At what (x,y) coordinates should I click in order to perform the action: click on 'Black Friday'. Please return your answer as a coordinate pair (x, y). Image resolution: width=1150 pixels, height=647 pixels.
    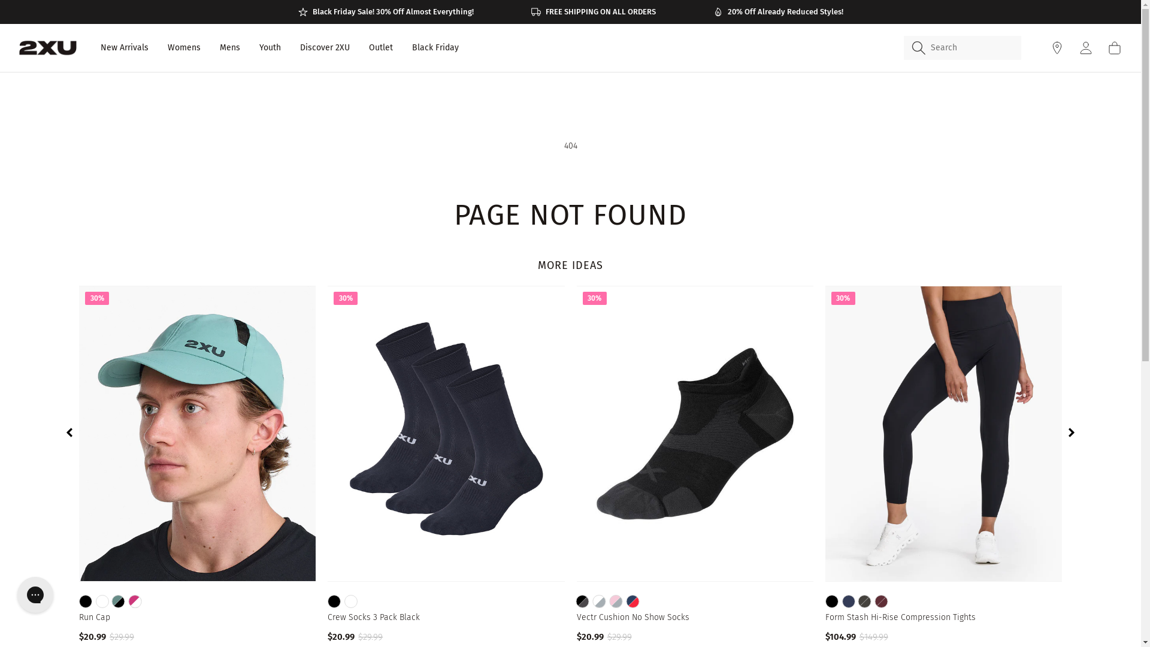
    Looking at the image, I should click on (434, 47).